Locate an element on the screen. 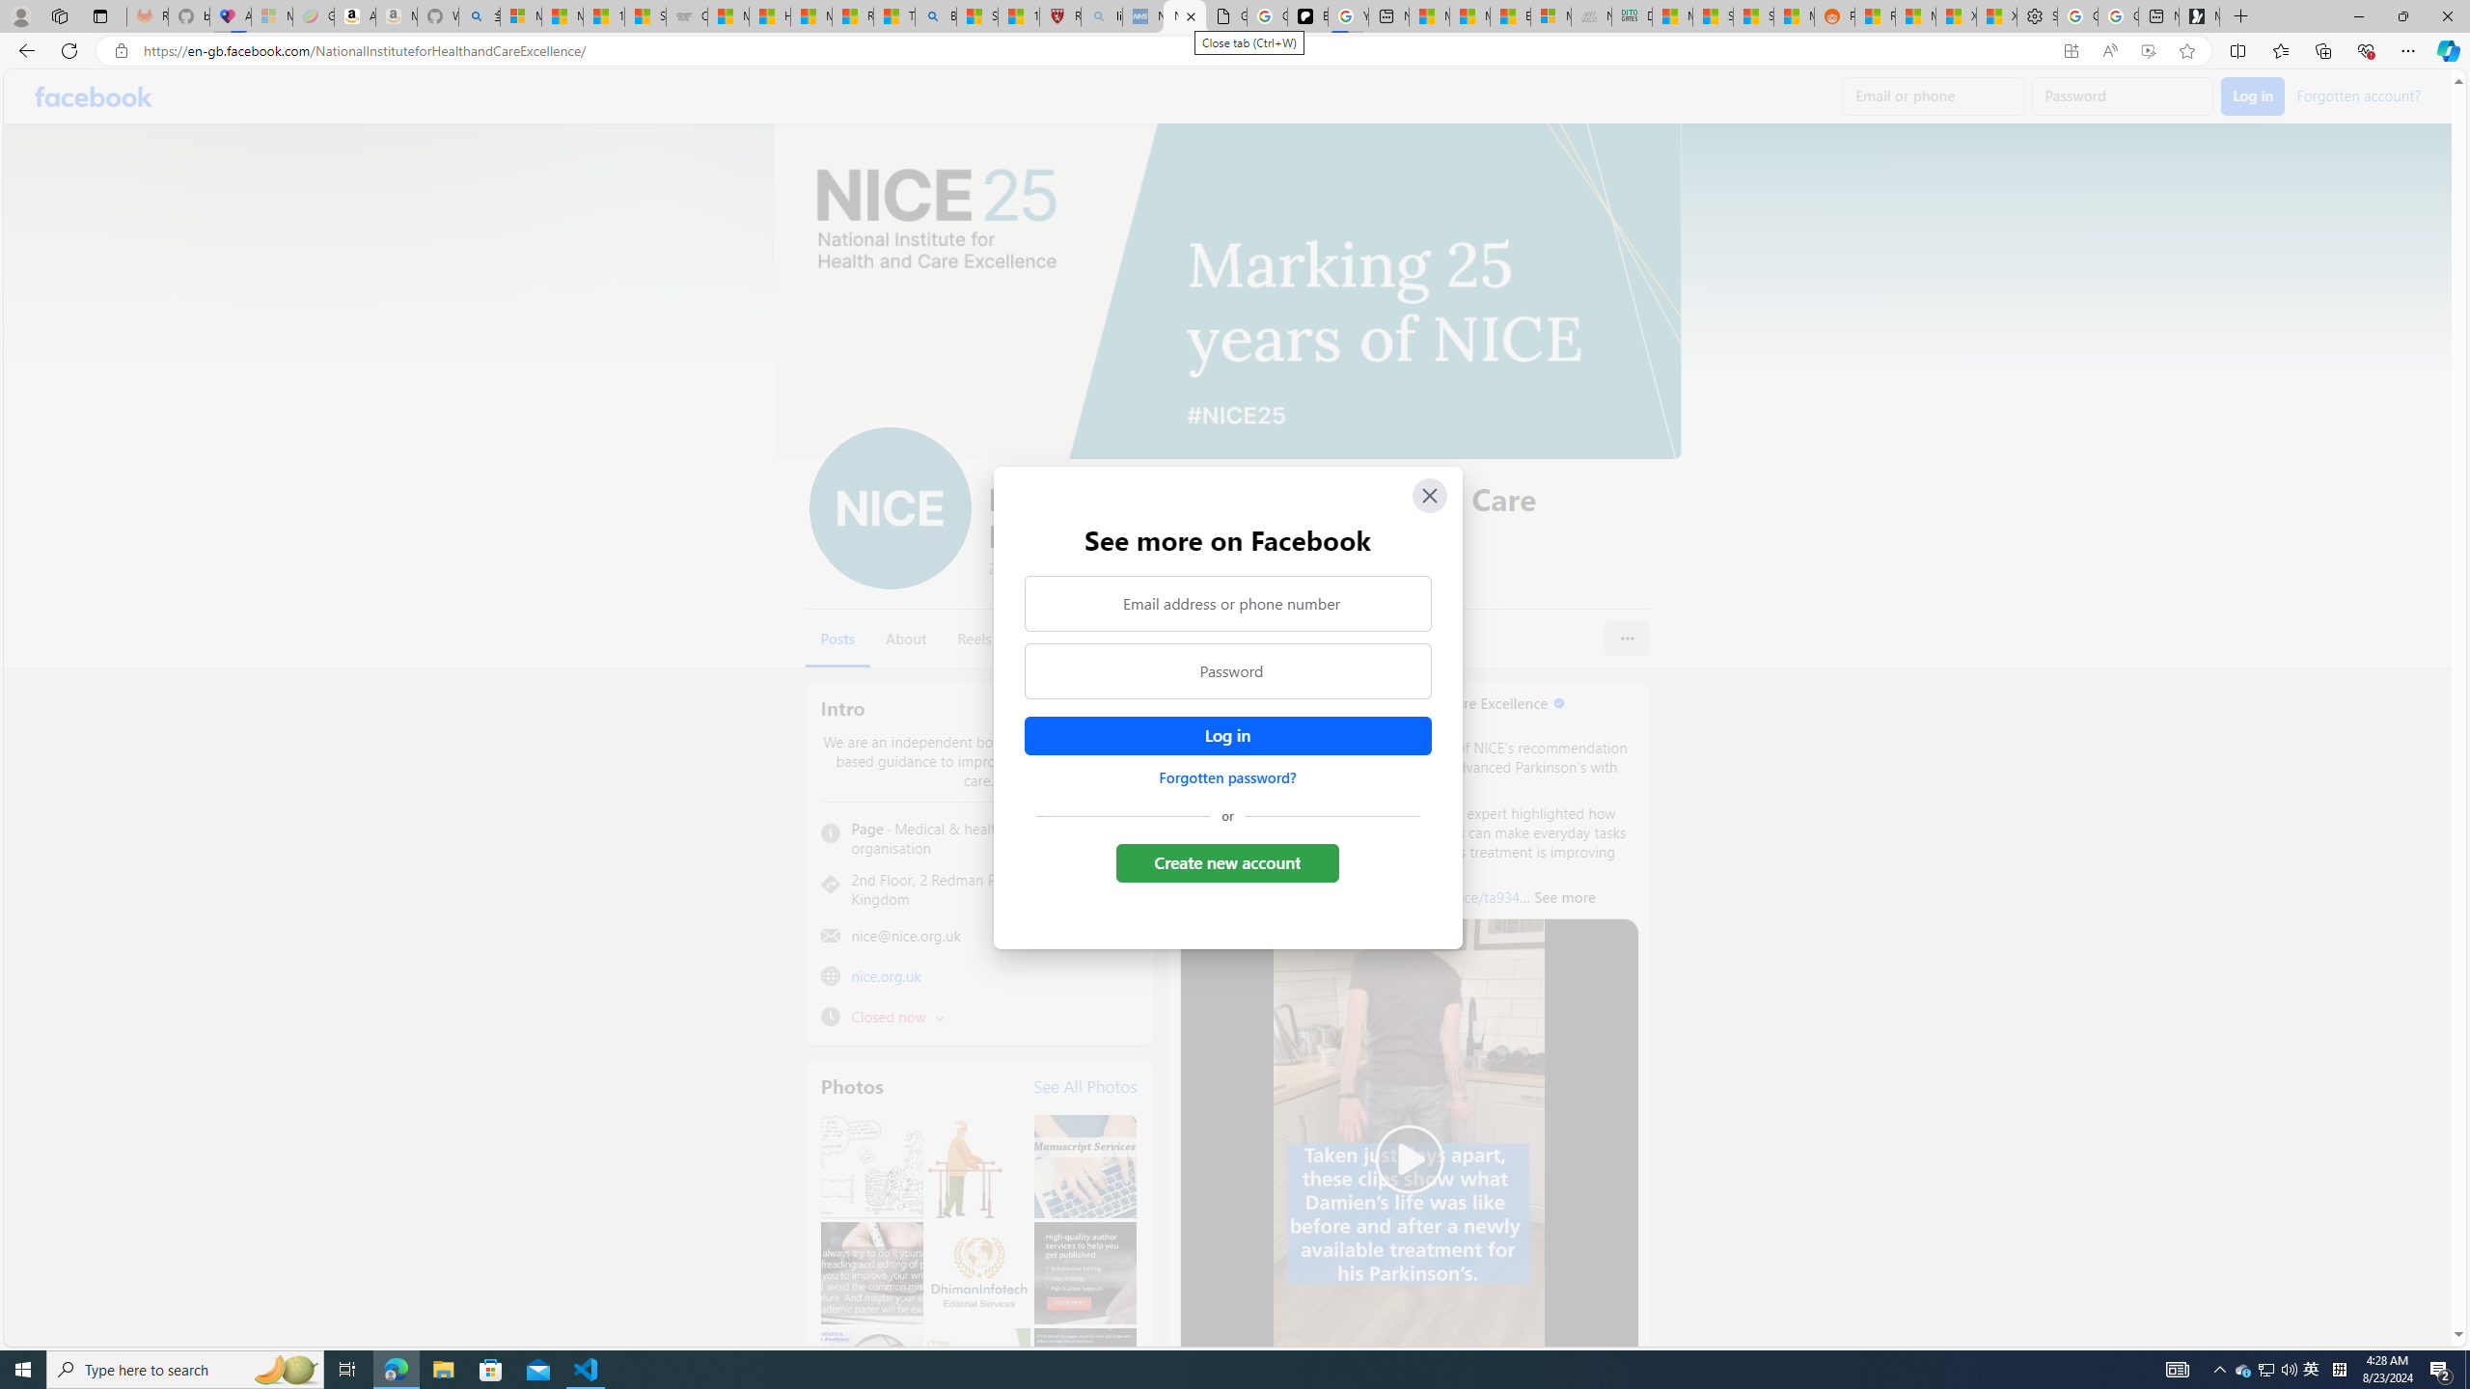 This screenshot has width=2470, height=1389. 'Navy Quest' is located at coordinates (1590, 15).